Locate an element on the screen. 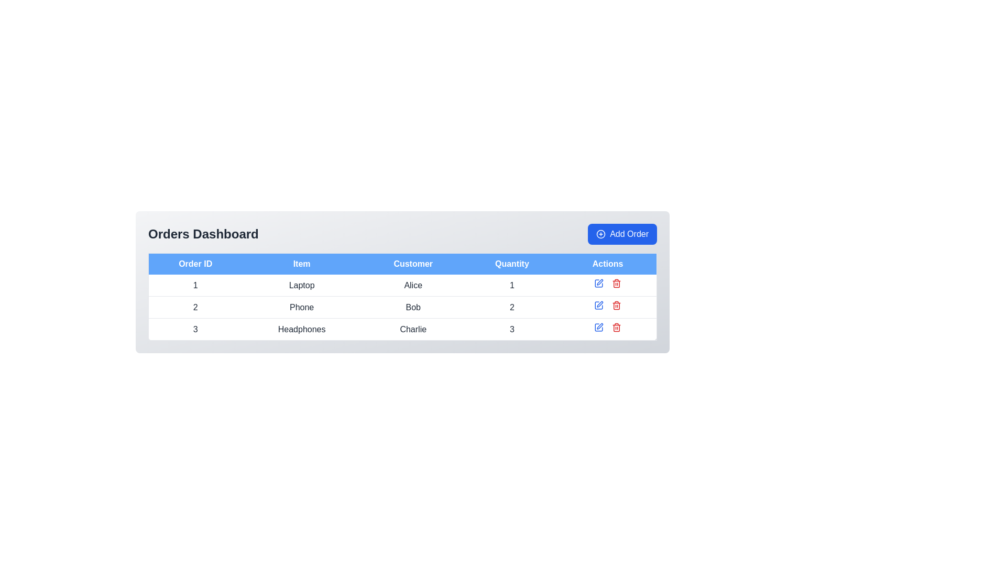 This screenshot has width=1006, height=566. text content displayed in the 'Customer' column of the third row in the order record table is located at coordinates (412, 329).